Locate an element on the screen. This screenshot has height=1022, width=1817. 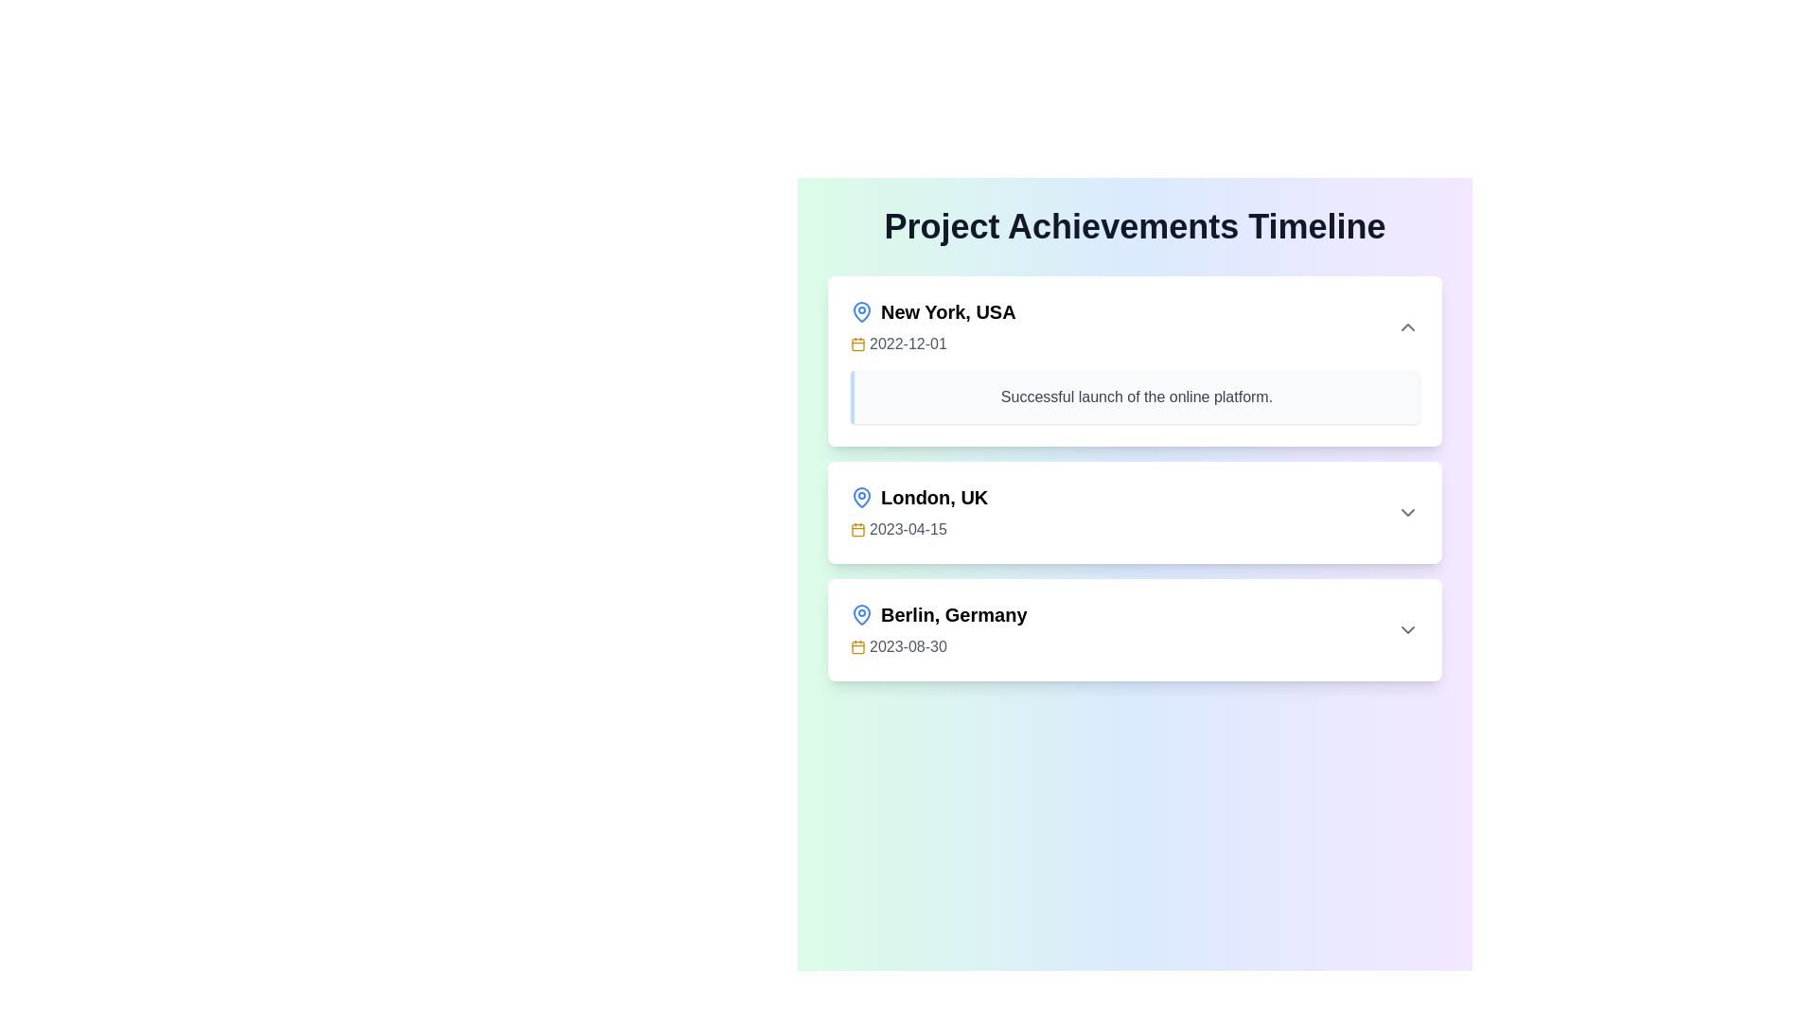
the second card in the vertically stacked timeline that conveys event information about a notable event in London on April 15, 2023 is located at coordinates (1135, 513).